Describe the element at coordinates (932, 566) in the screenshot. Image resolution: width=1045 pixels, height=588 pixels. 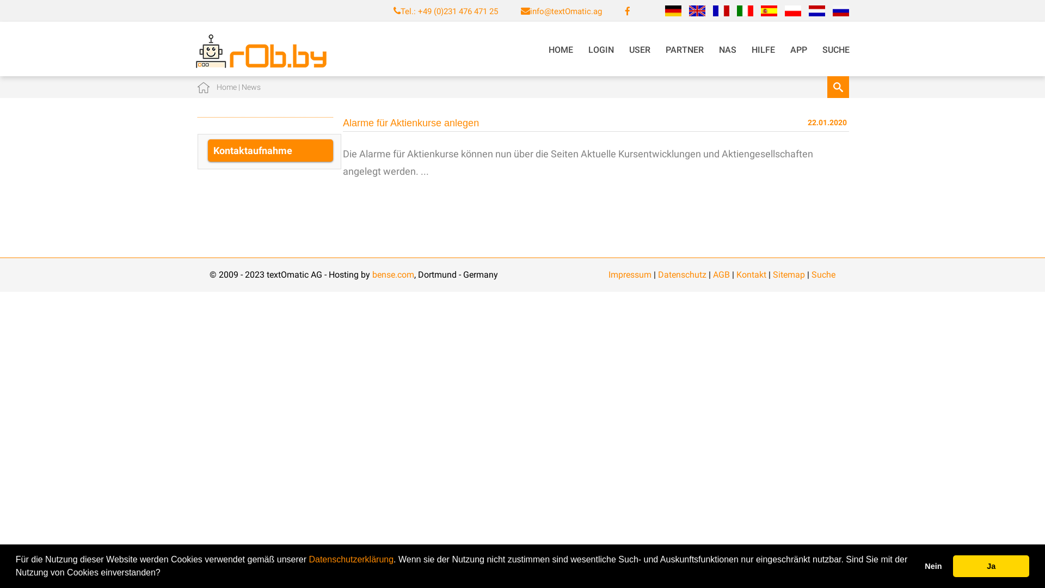
I see `'Nein'` at that location.